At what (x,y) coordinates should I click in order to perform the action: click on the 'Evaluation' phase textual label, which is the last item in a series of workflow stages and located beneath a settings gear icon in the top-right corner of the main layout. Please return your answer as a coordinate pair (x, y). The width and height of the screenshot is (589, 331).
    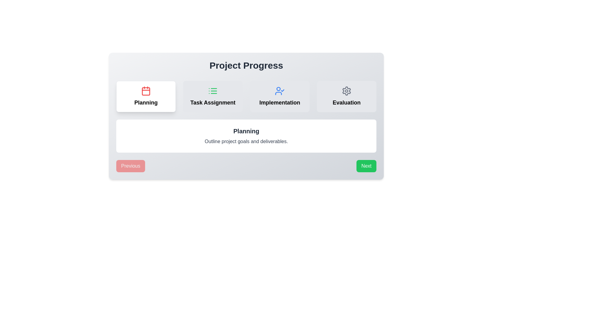
    Looking at the image, I should click on (346, 102).